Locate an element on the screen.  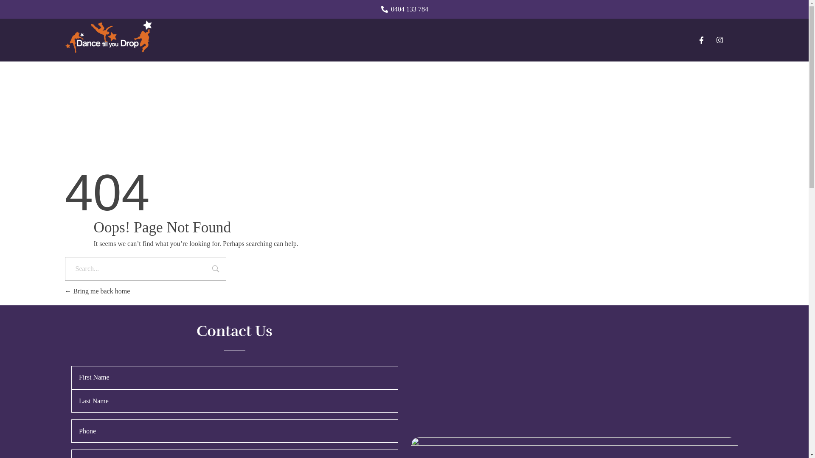
'Dance Till You Drop' is located at coordinates (112, 63).